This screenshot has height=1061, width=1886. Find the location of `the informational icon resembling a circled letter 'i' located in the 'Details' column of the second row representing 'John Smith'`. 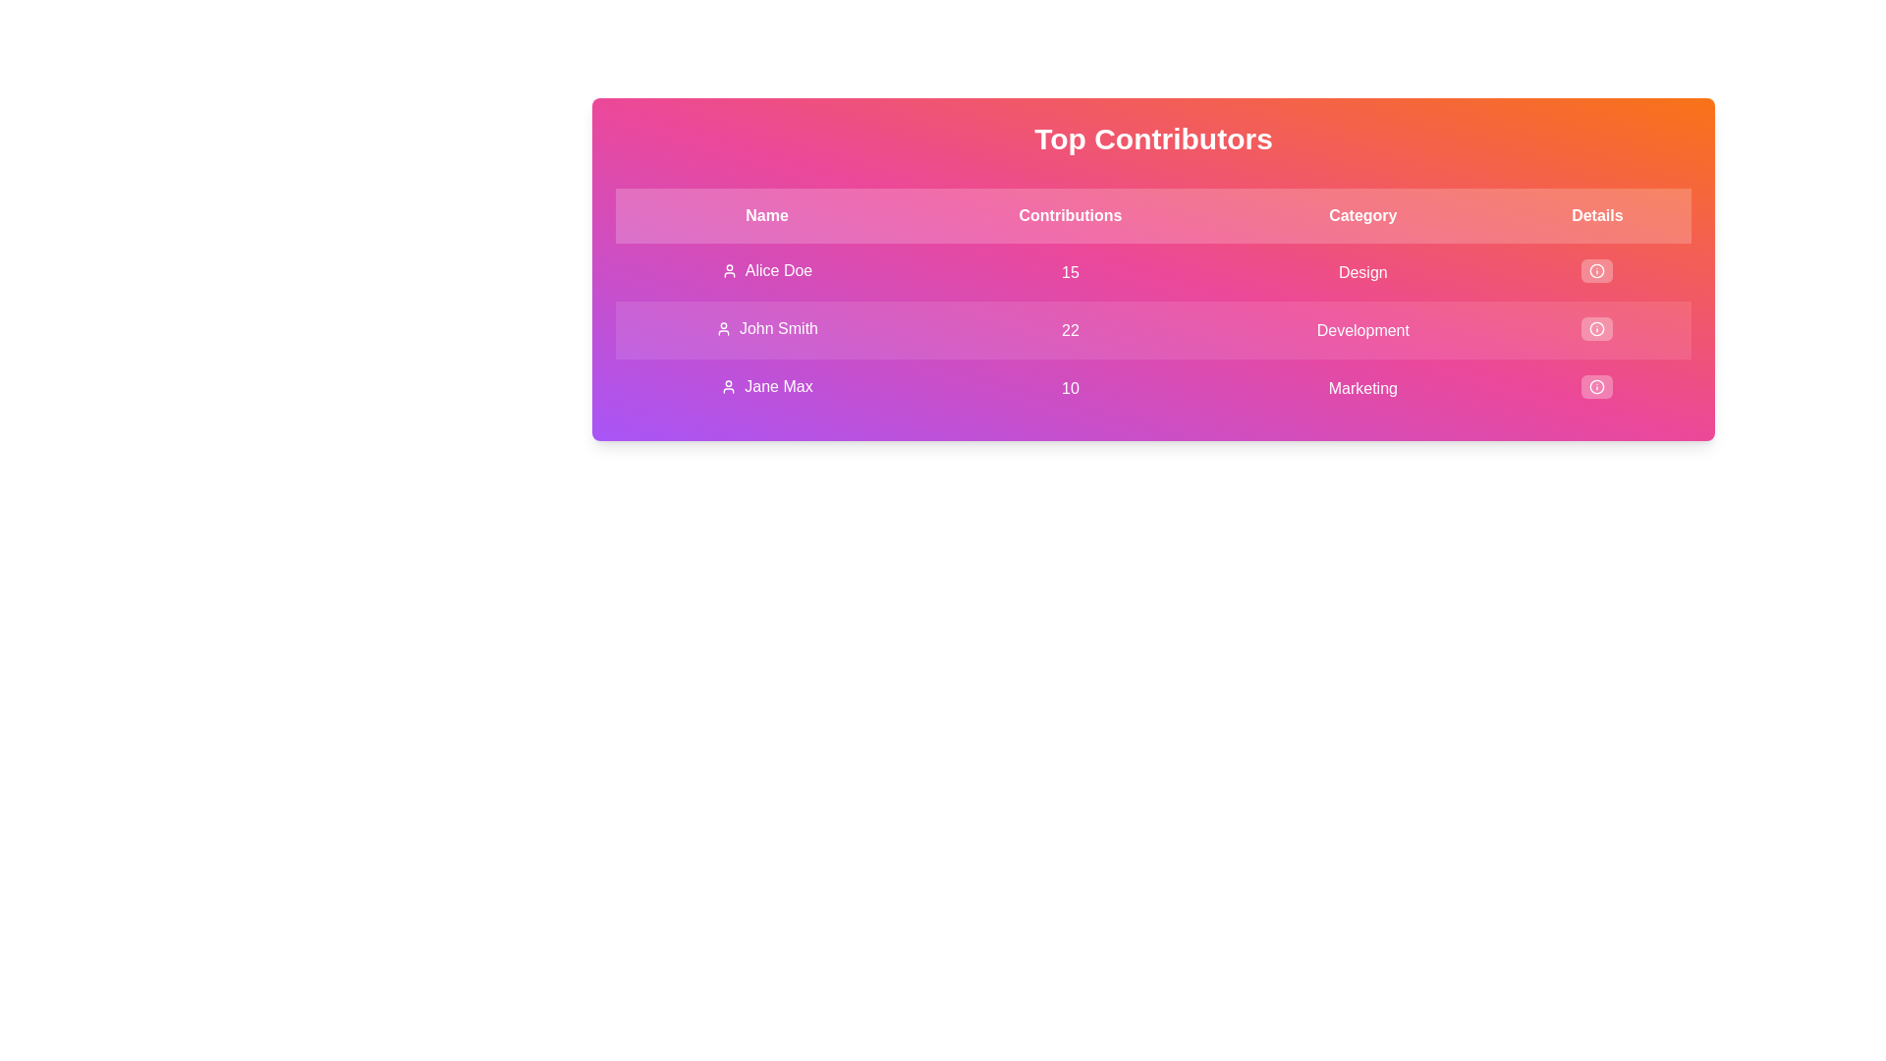

the informational icon resembling a circled letter 'i' located in the 'Details' column of the second row representing 'John Smith' is located at coordinates (1597, 328).